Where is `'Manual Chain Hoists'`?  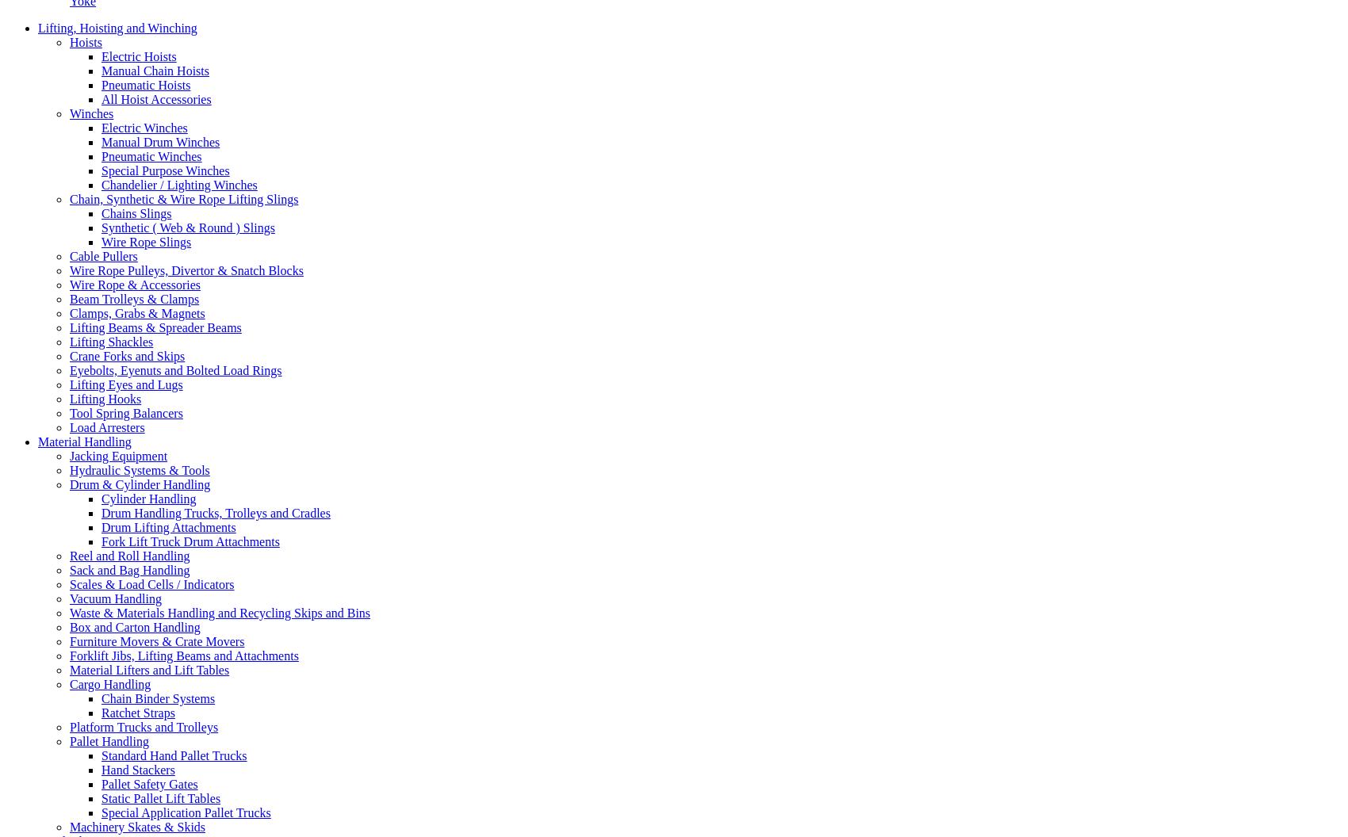 'Manual Chain Hoists' is located at coordinates (101, 69).